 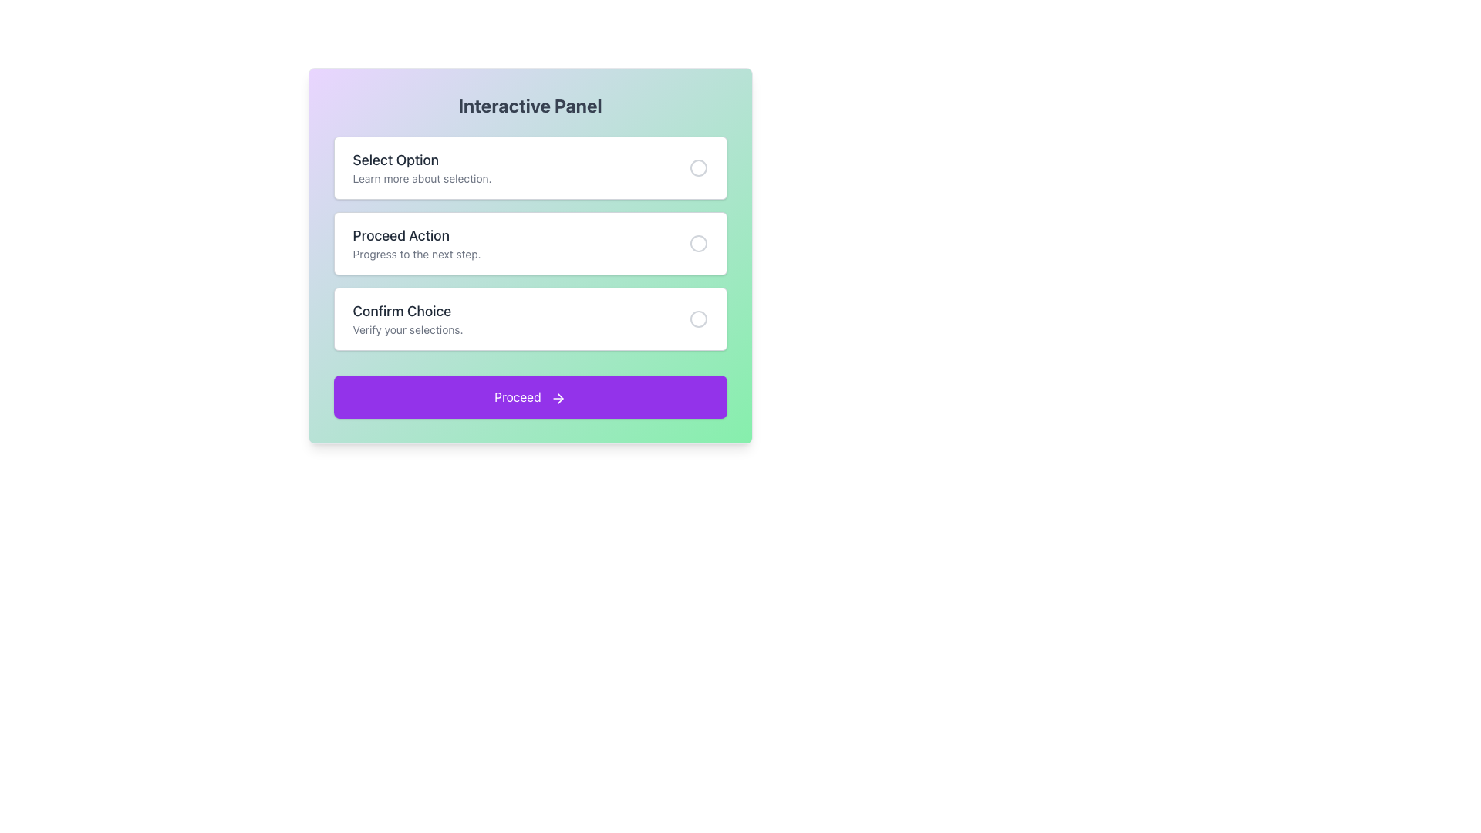 I want to click on the 'Proceed Action' button located in the second panel from the top, which has a white background and rounded corners, so click(x=530, y=255).